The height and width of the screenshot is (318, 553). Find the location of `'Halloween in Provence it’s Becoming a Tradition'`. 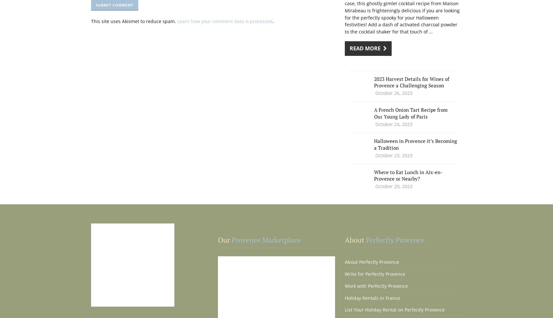

'Halloween in Provence it’s Becoming a Tradition' is located at coordinates (415, 144).